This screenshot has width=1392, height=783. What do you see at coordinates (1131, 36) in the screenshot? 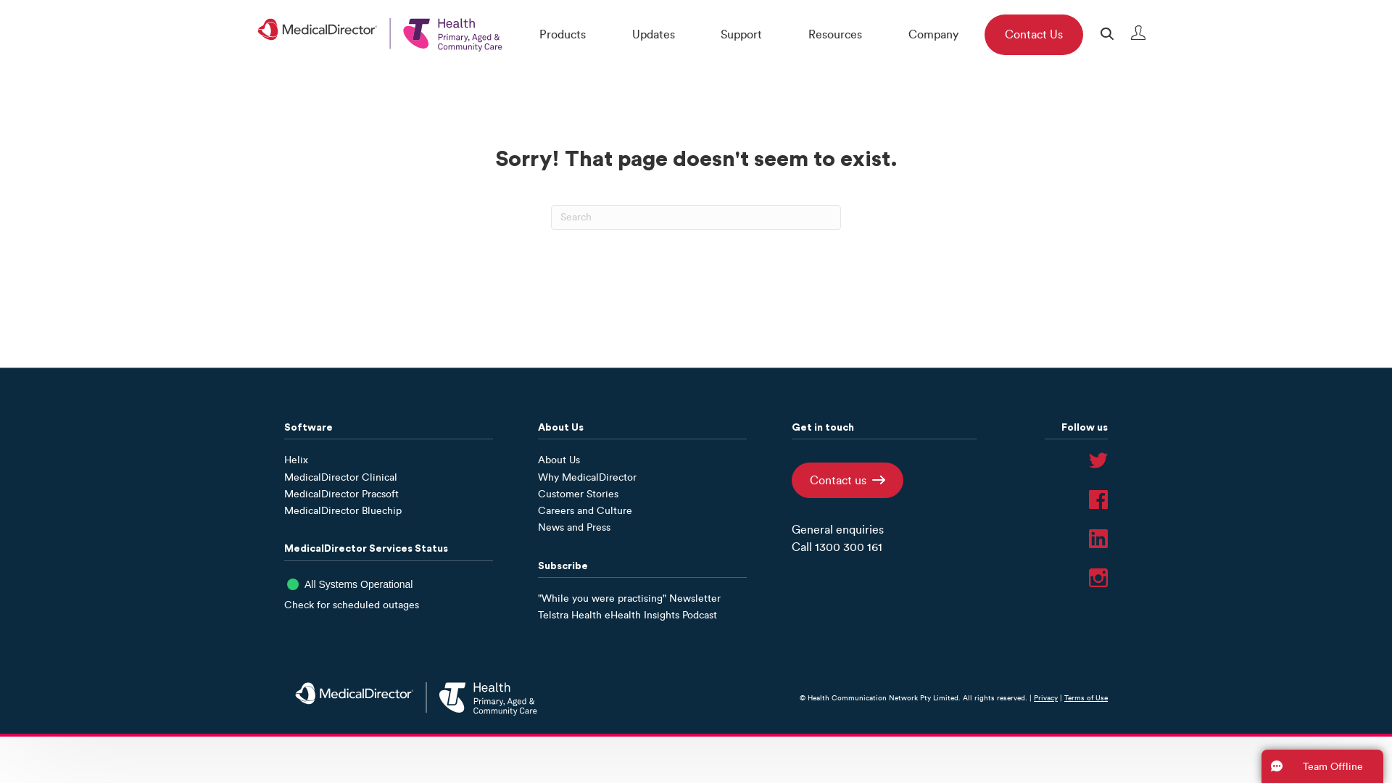
I see `'Account Login'` at bounding box center [1131, 36].